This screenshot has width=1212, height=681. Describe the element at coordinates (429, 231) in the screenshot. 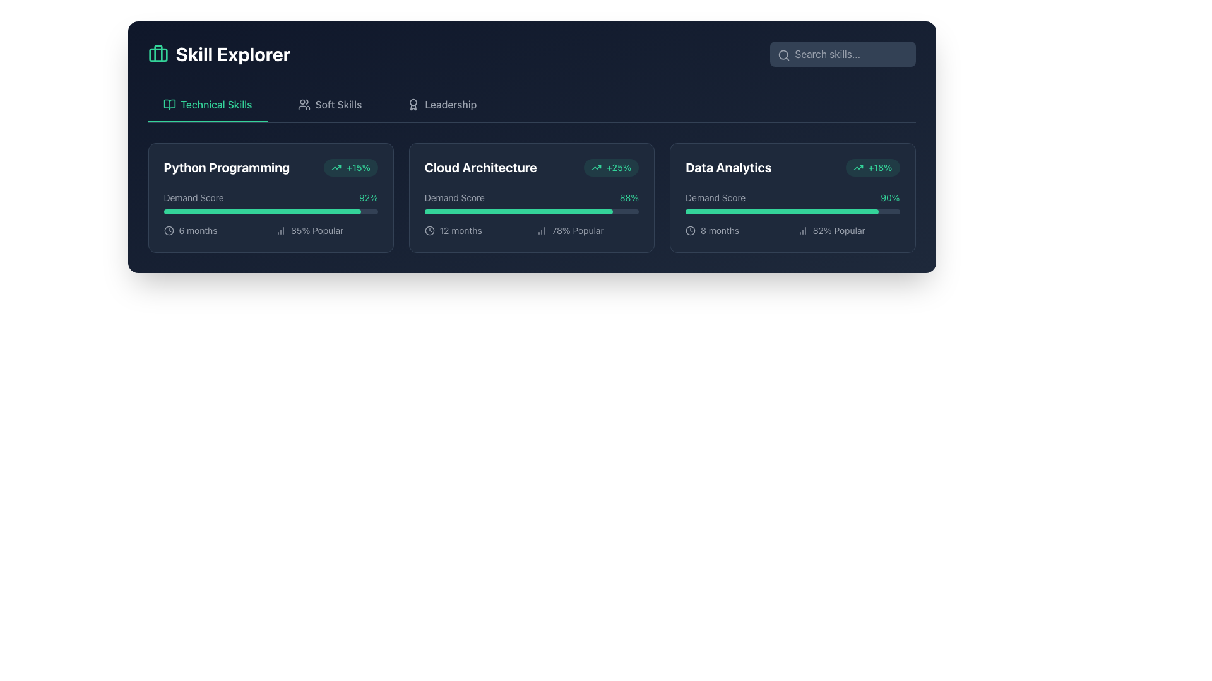

I see `the SVG circle graphic representing the clock face, which is located in the leftmost position of the 'Cloud Architecture' card in the 'Technical Skills' section` at that location.